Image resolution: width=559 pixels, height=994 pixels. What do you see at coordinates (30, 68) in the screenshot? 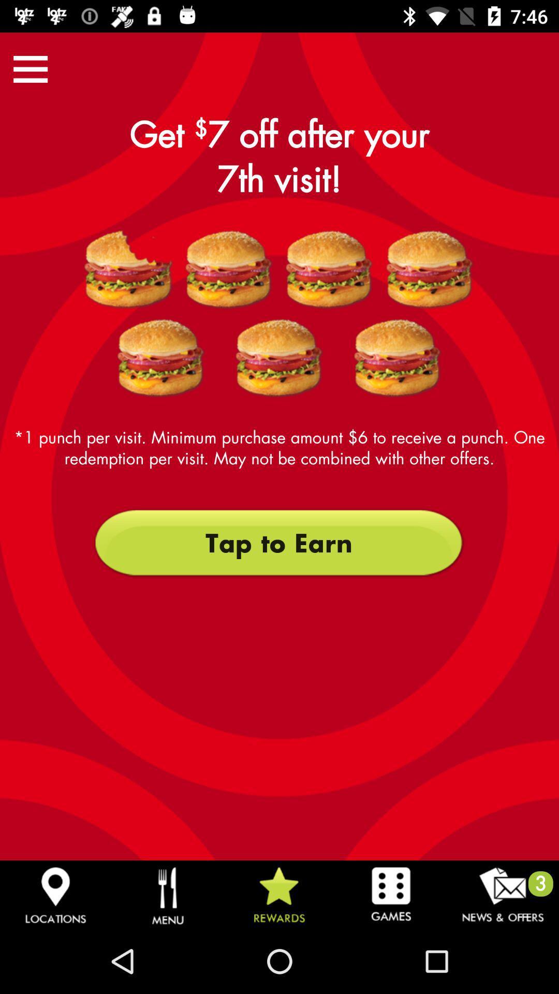
I see `open menu` at bounding box center [30, 68].